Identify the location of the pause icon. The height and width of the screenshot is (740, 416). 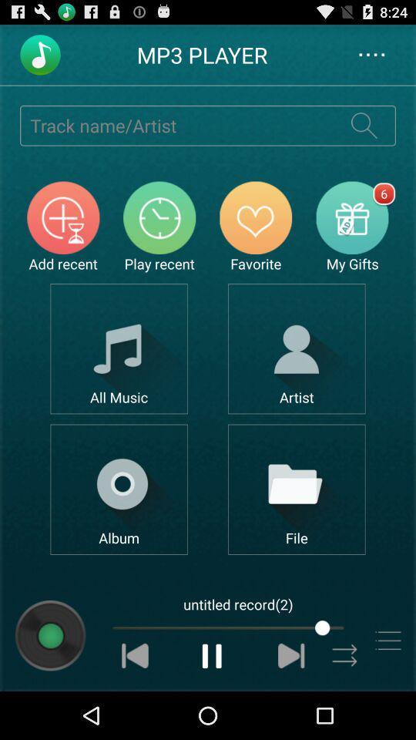
(212, 701).